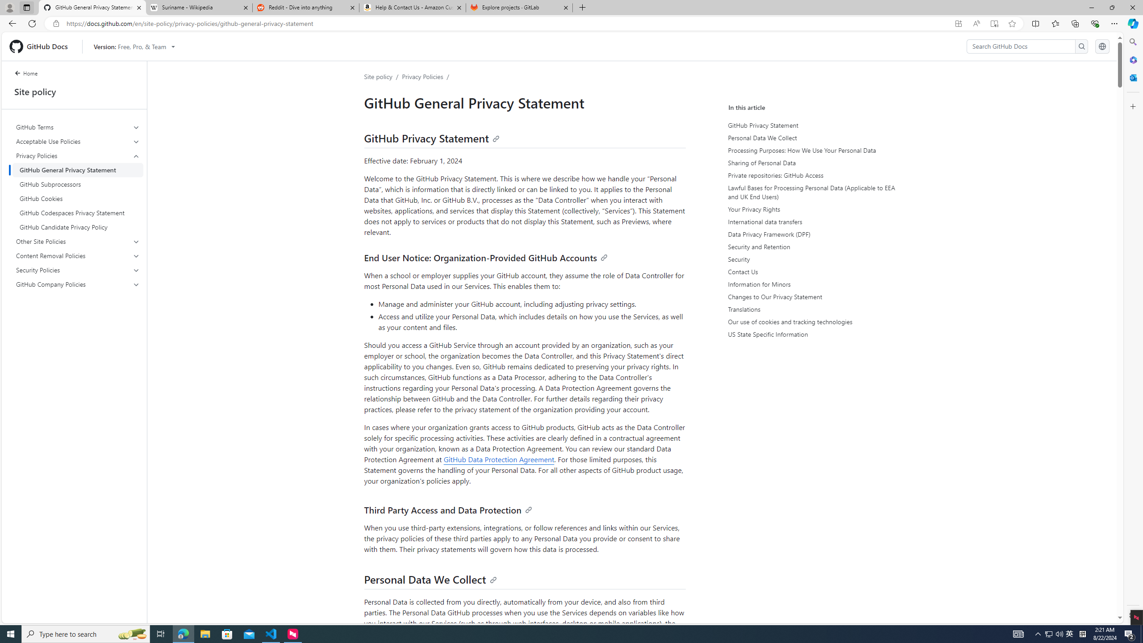 The height and width of the screenshot is (643, 1143). Describe the element at coordinates (427, 76) in the screenshot. I see `'Privacy Policies/'` at that location.